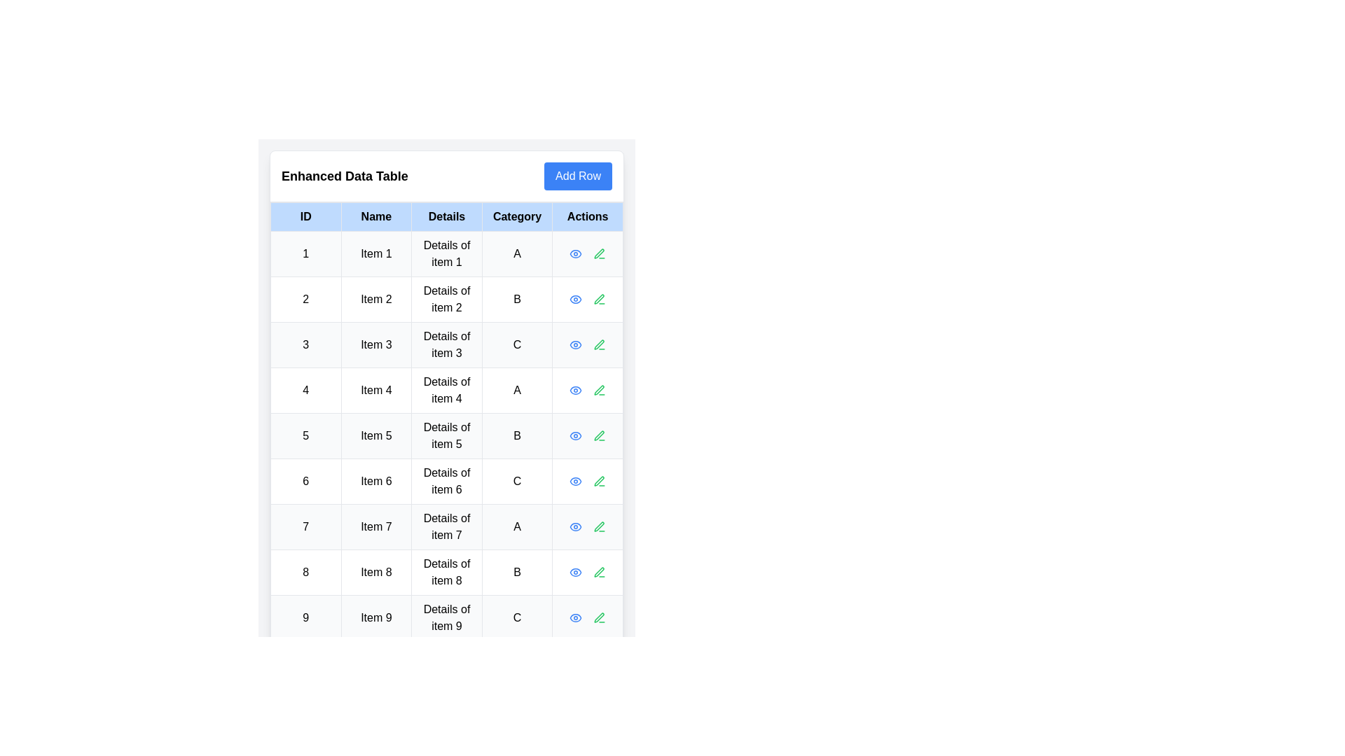  I want to click on the 'View' button located in row '3' under the 'Actions' column, which is to the immediate left of a green pencil icon, so click(576, 345).